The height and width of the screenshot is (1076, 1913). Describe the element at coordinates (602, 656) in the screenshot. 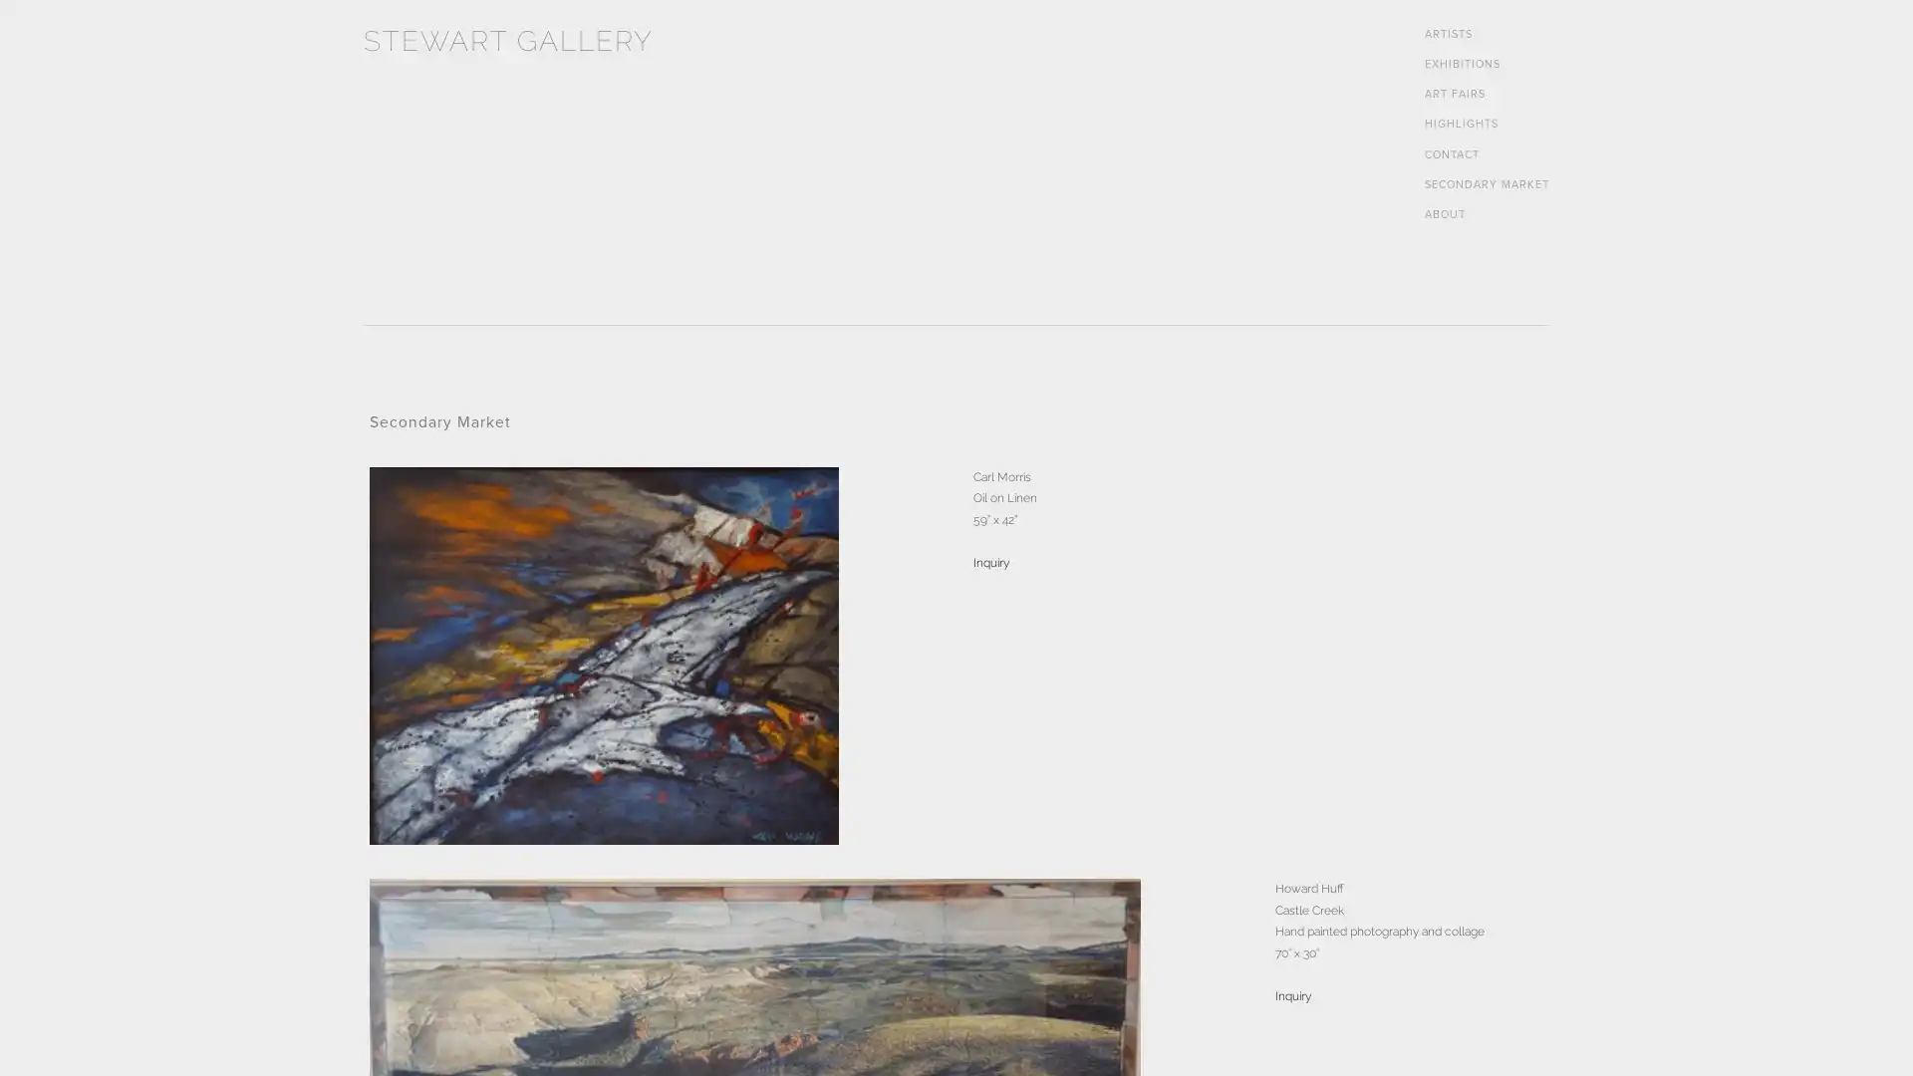

I see `View fullsize` at that location.